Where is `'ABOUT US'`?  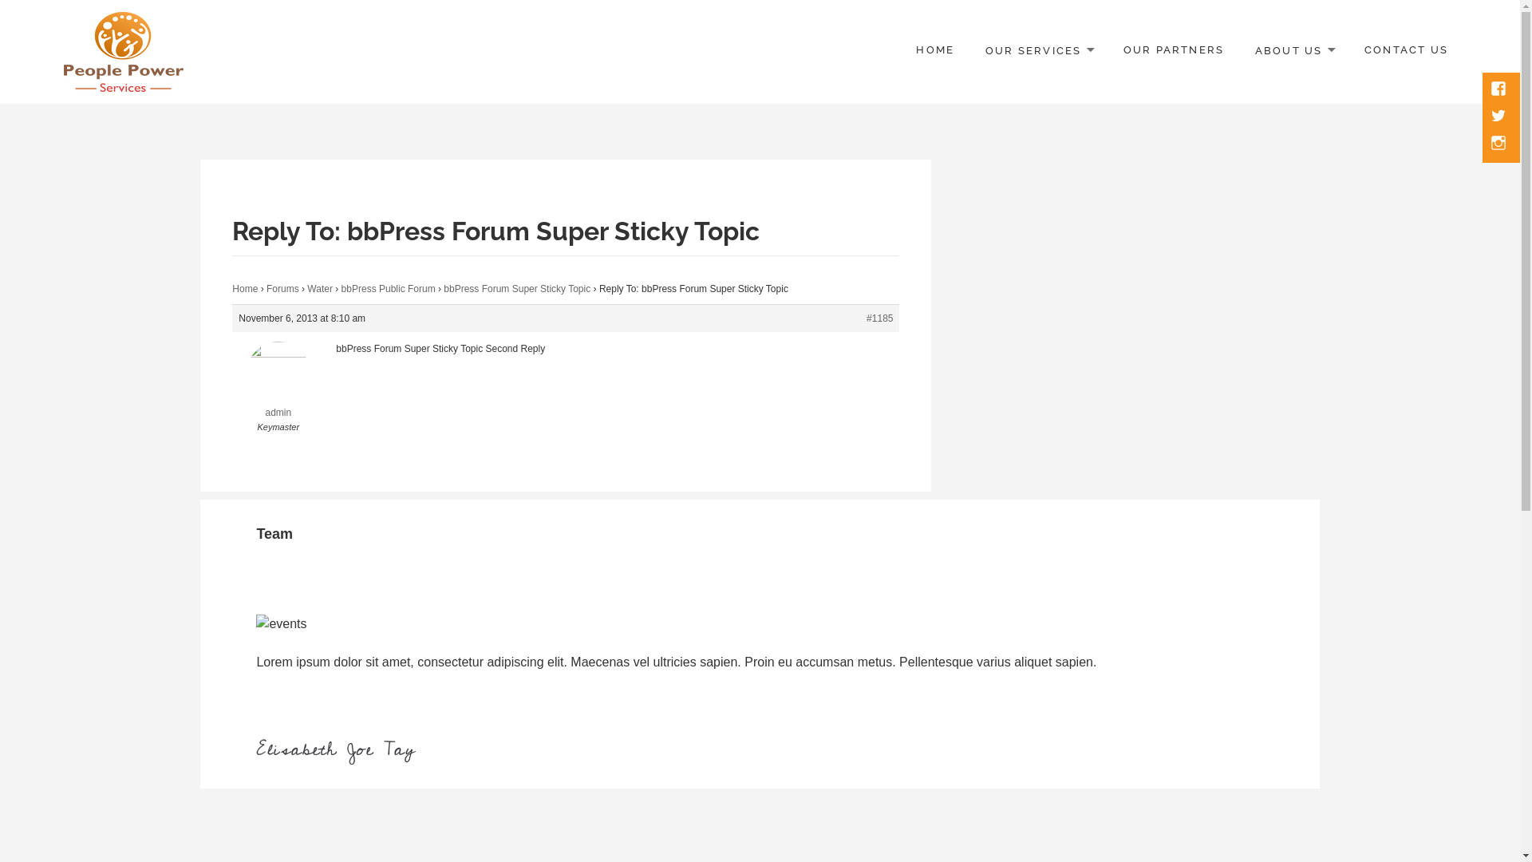 'ABOUT US' is located at coordinates (1294, 50).